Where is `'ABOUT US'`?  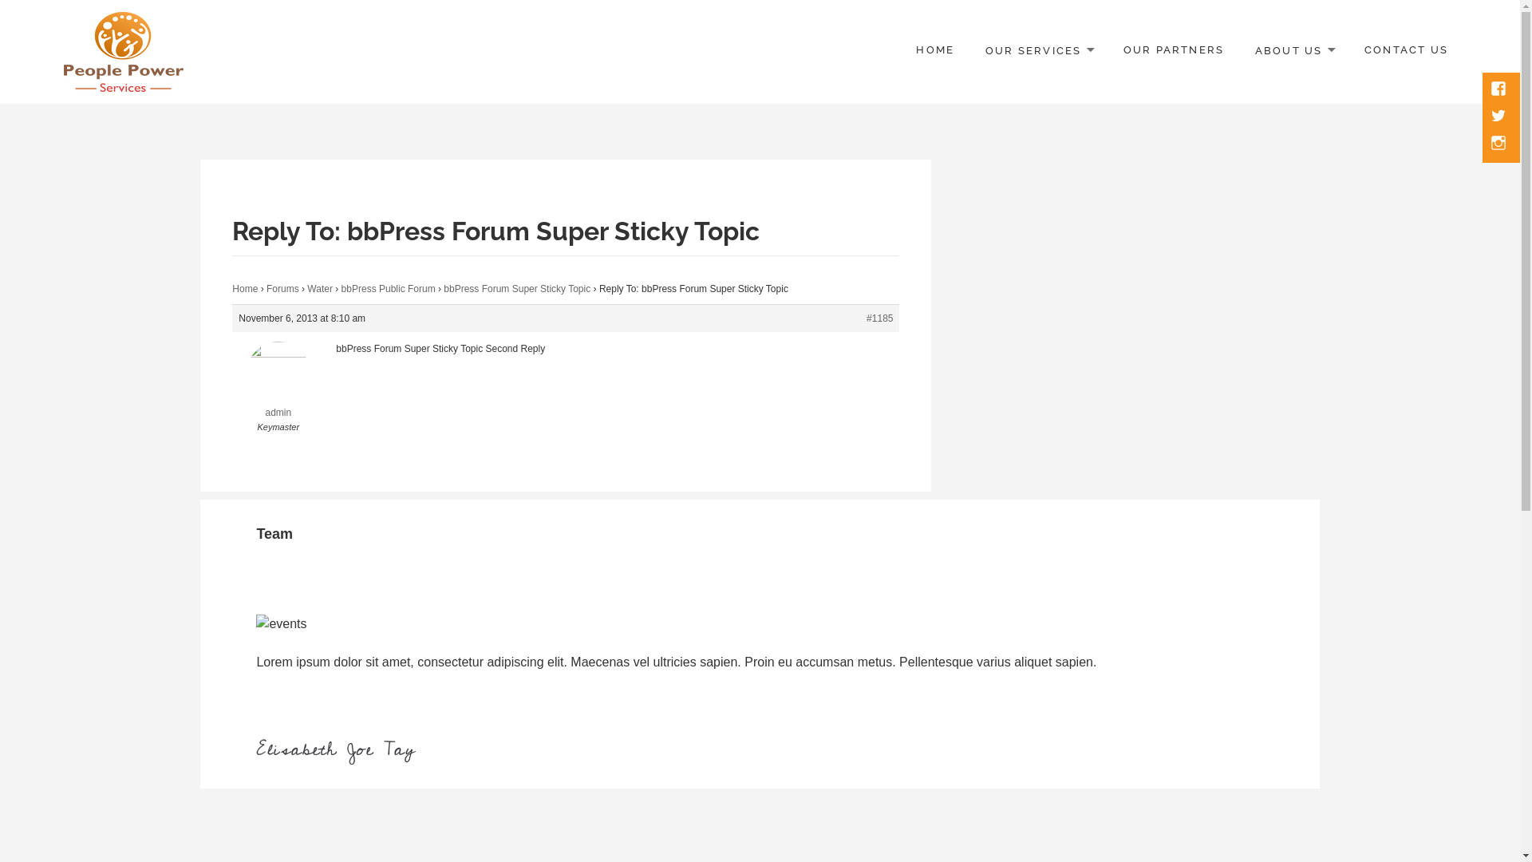 'ABOUT US' is located at coordinates (1294, 50).